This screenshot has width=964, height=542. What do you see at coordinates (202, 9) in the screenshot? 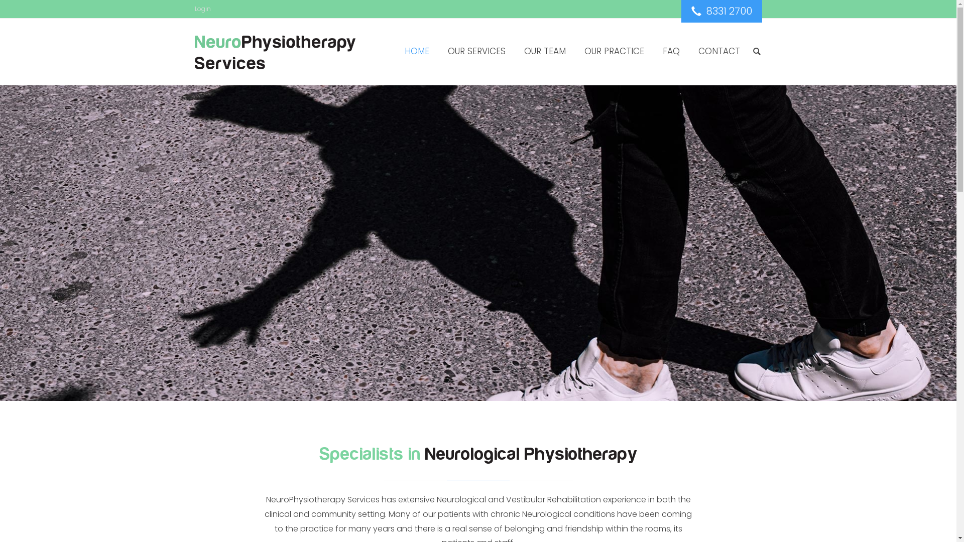
I see `'Login'` at bounding box center [202, 9].